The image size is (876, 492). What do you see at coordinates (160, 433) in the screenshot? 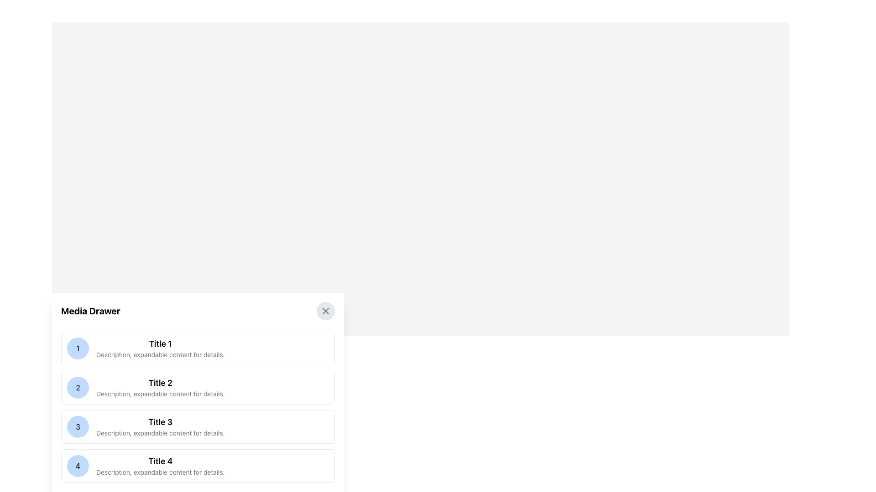
I see `descriptive text located at the bottom of the 'Title 3' section, which provides additional information about it` at bounding box center [160, 433].